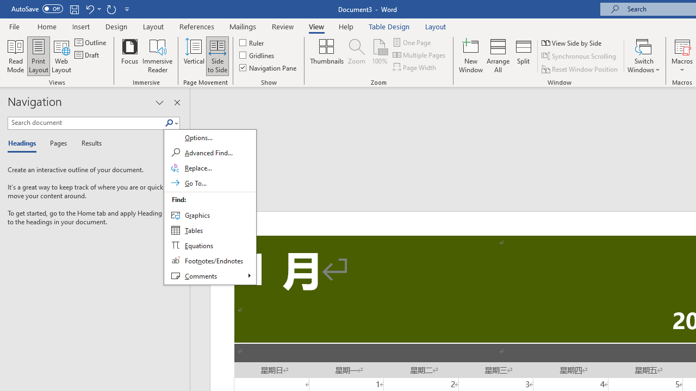  Describe the element at coordinates (682, 56) in the screenshot. I see `'Macros'` at that location.